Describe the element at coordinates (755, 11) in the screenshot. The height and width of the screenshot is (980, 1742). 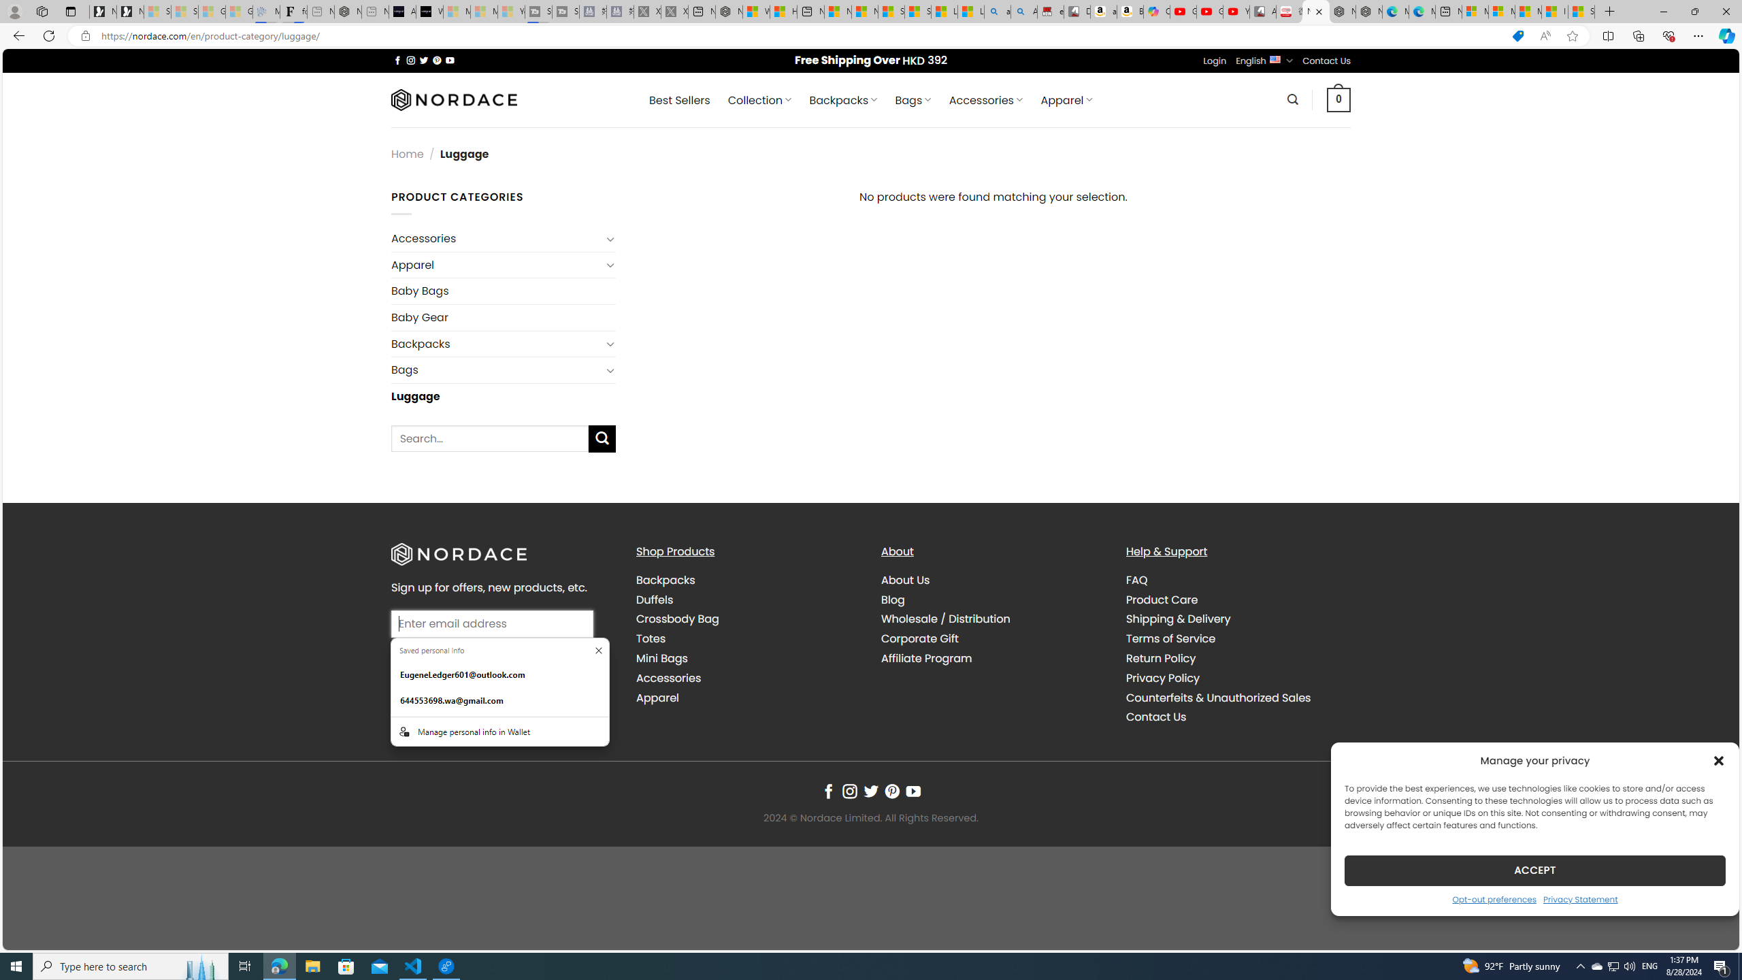
I see `'Wildlife - MSN'` at that location.